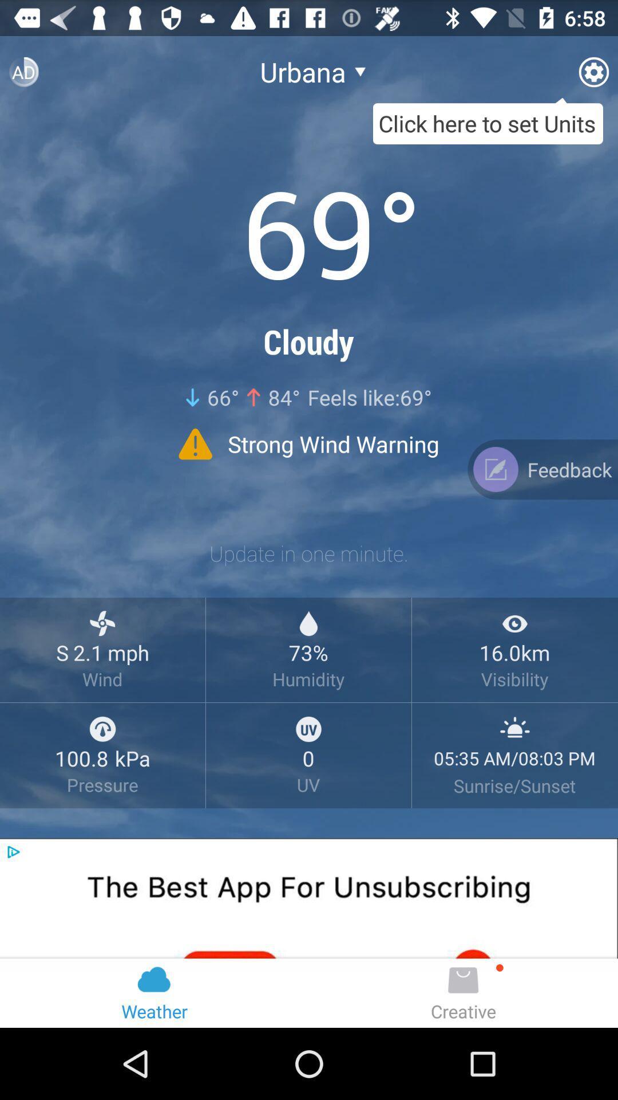  What do you see at coordinates (593, 76) in the screenshot?
I see `the settings icon` at bounding box center [593, 76].